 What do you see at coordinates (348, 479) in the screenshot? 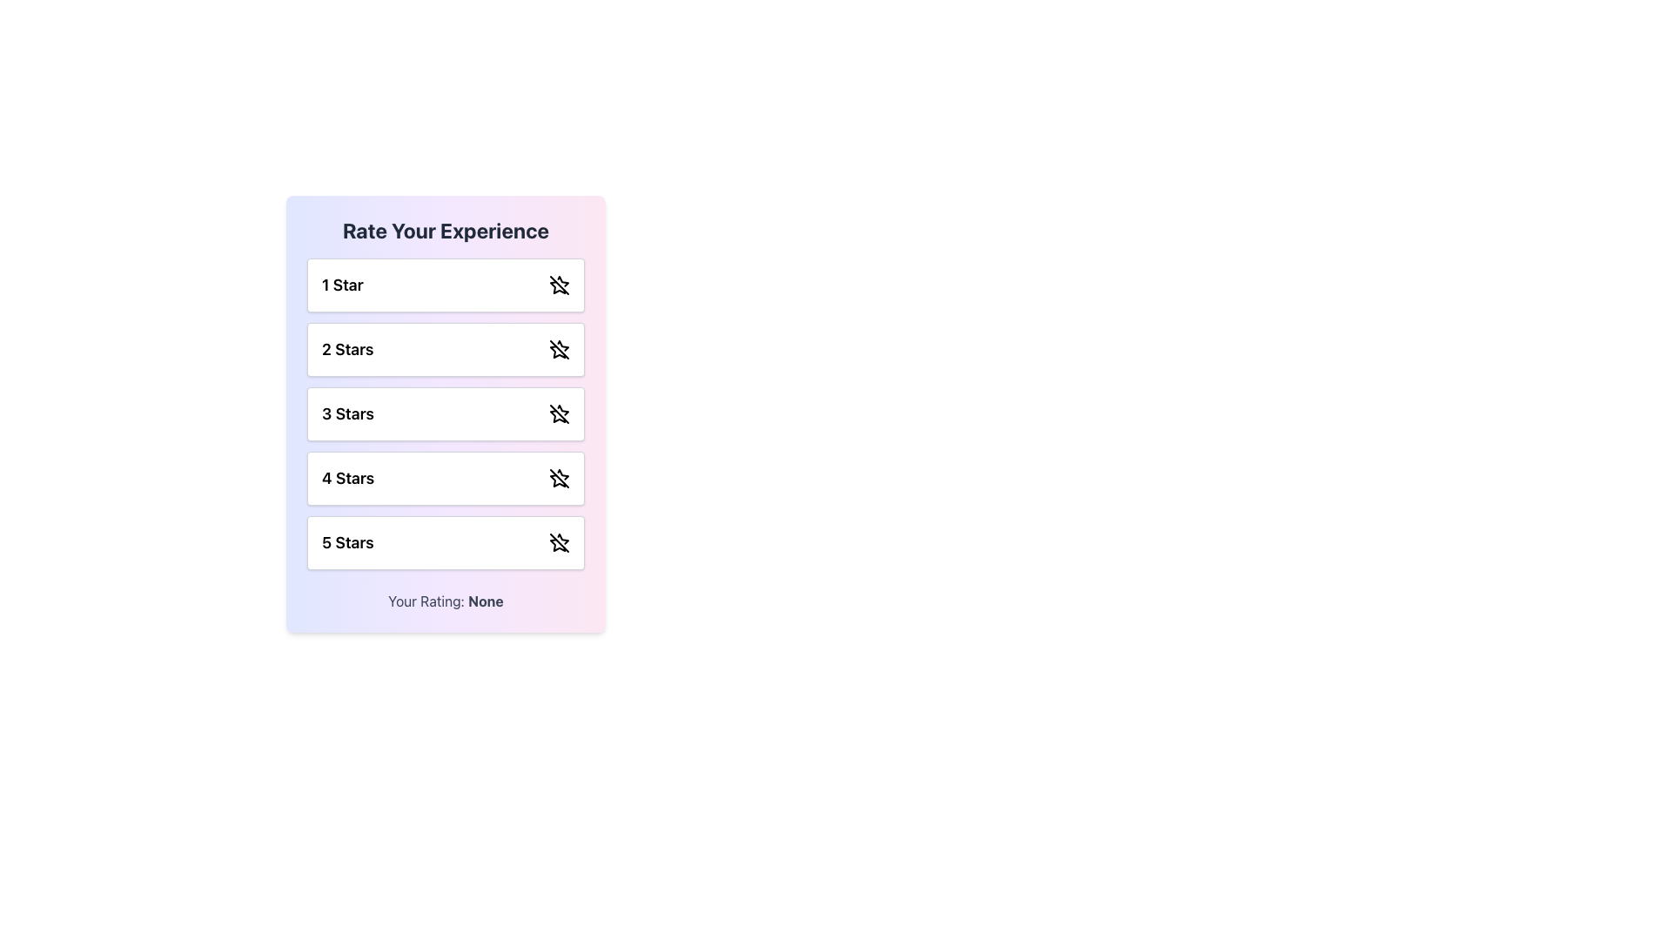
I see `the text label displaying '4 Stars', which is the fourth item in a vertical list of star ratings, positioned between '3 Stars' and '5 Stars'` at bounding box center [348, 479].